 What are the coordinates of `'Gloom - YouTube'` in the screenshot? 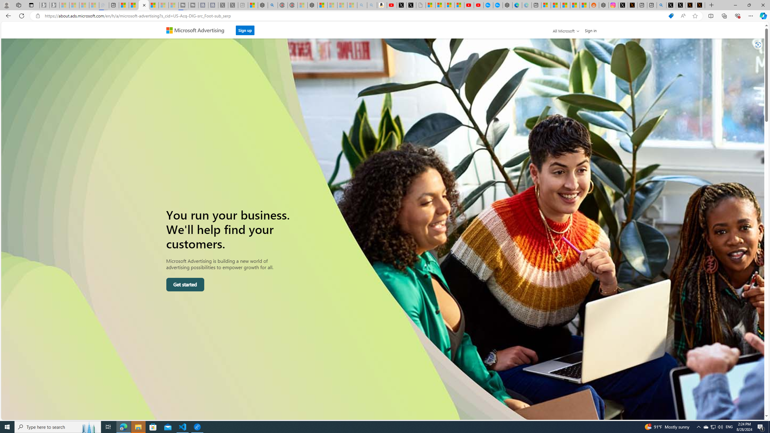 It's located at (469, 5).